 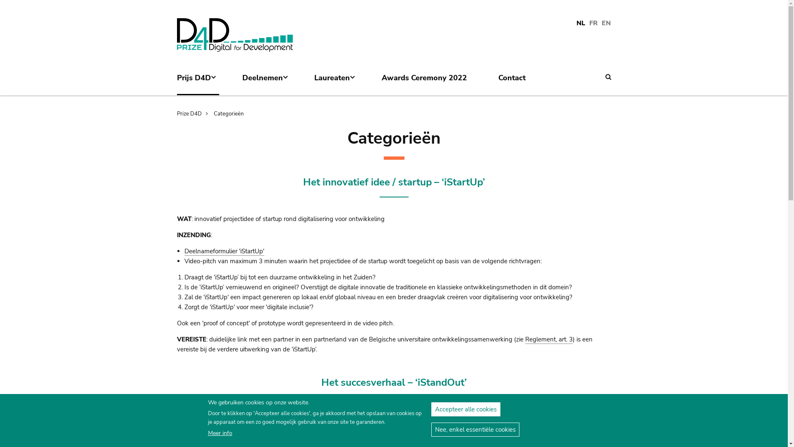 What do you see at coordinates (516, 82) in the screenshot?
I see `'Contact'` at bounding box center [516, 82].